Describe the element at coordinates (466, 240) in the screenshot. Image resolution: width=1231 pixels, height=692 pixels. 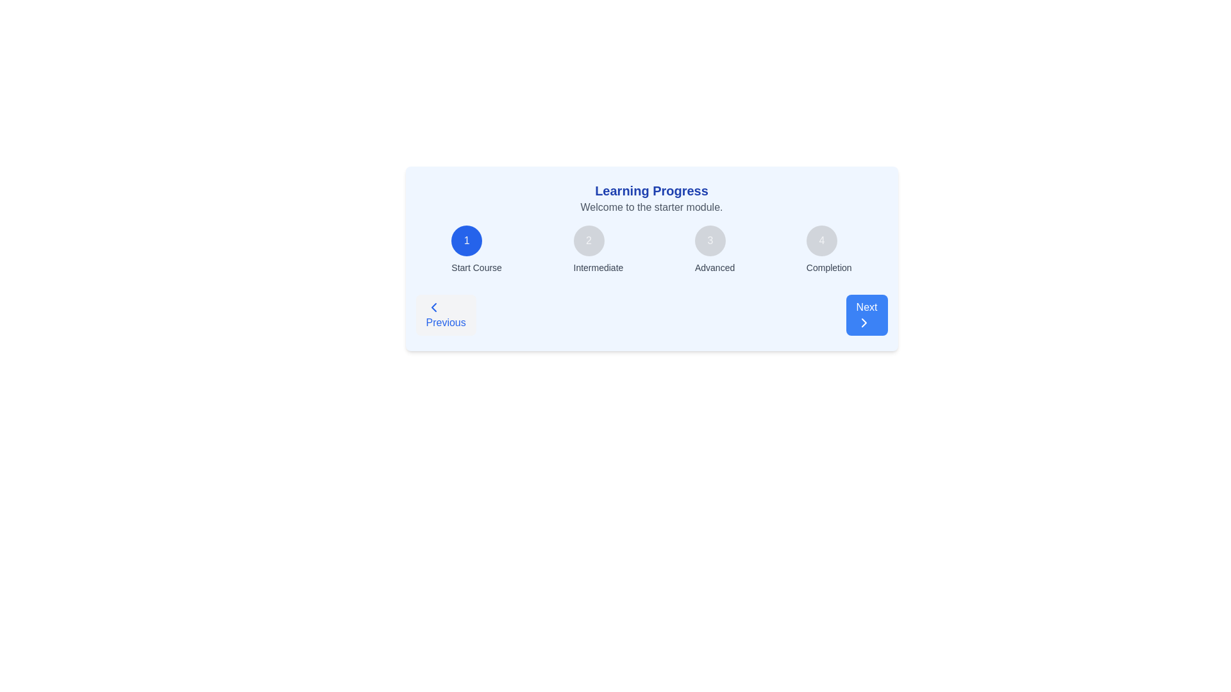
I see `the current step's circle to view its status` at that location.